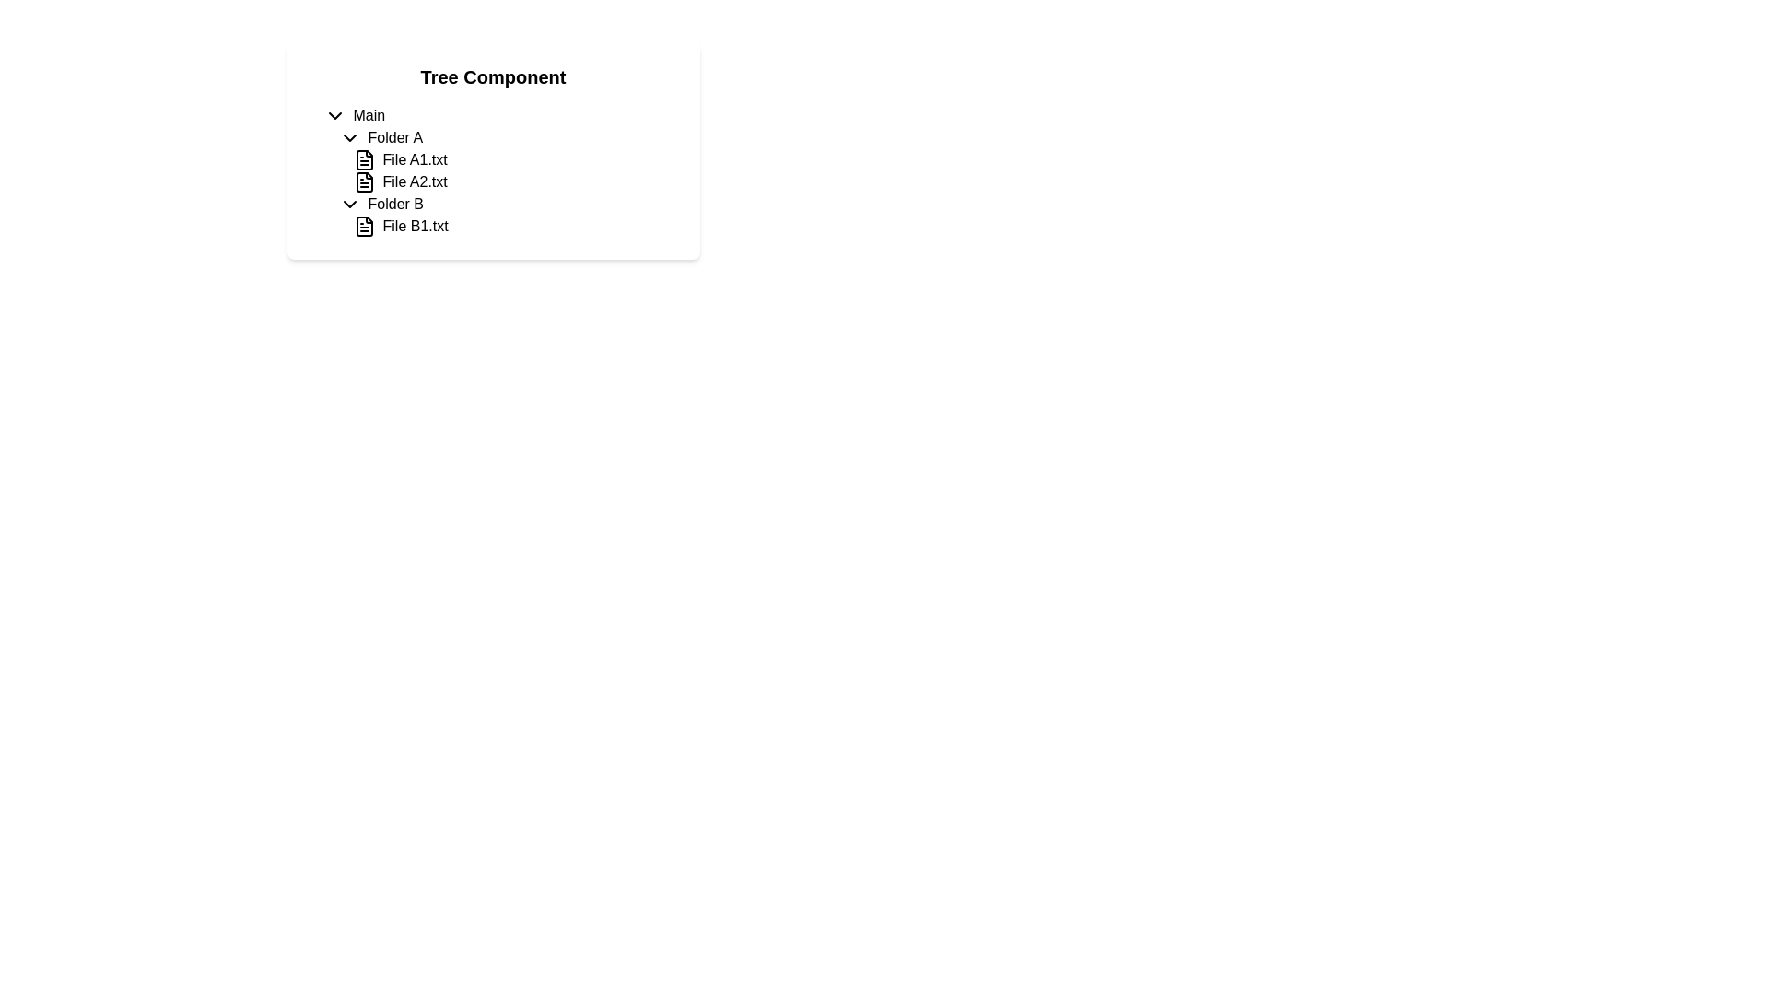 The image size is (1769, 995). I want to click on the icon representing 'File B1.txt' located under 'Folder B', so click(364, 226).